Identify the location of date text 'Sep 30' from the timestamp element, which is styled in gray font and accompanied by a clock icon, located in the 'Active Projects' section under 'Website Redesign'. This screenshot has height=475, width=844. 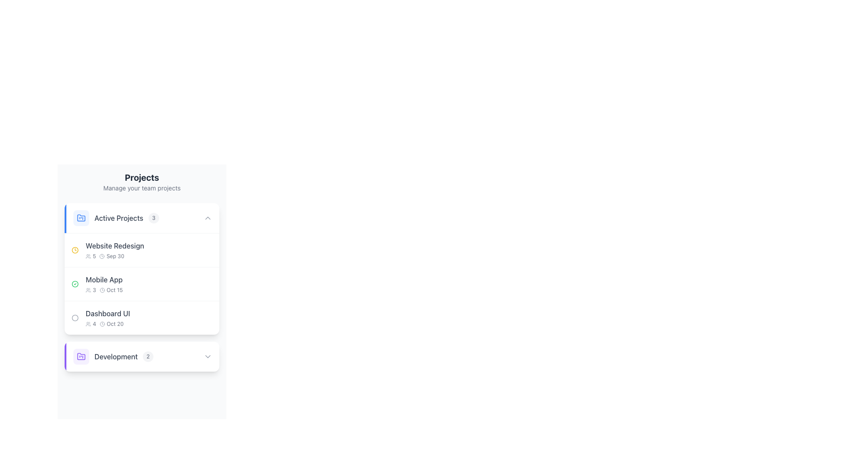
(111, 256).